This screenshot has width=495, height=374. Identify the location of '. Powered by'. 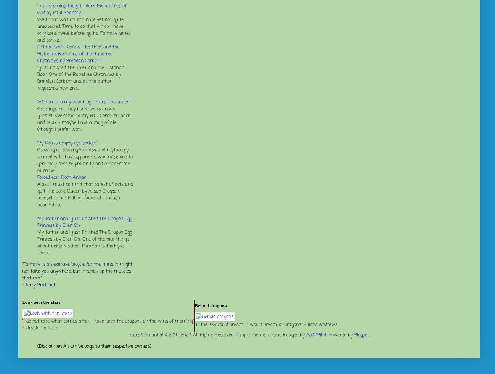
(340, 335).